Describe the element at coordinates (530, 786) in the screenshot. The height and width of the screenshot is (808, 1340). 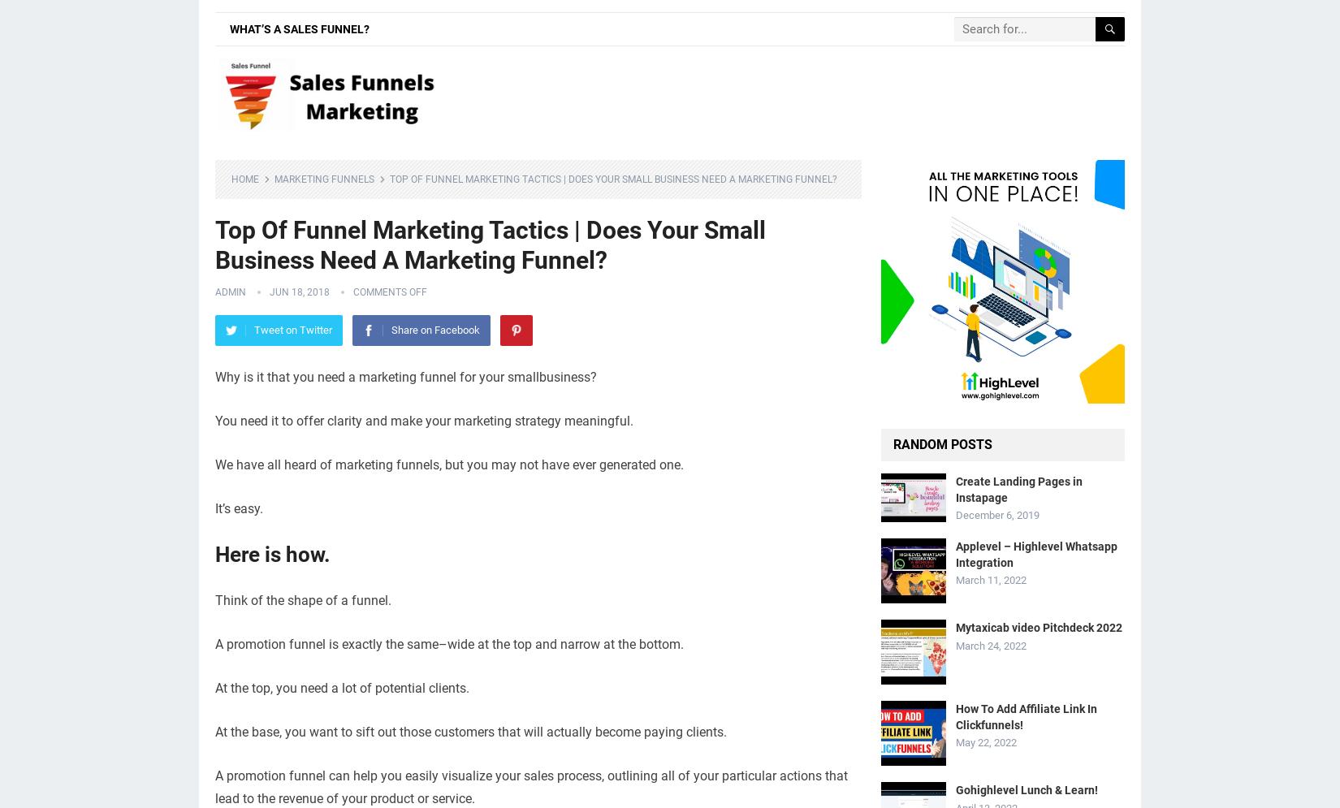
I see `'A promotion funnel can help you easily visualize your sales process, outlining all of your particular actions that lead to the revenue of your product or service.'` at that location.